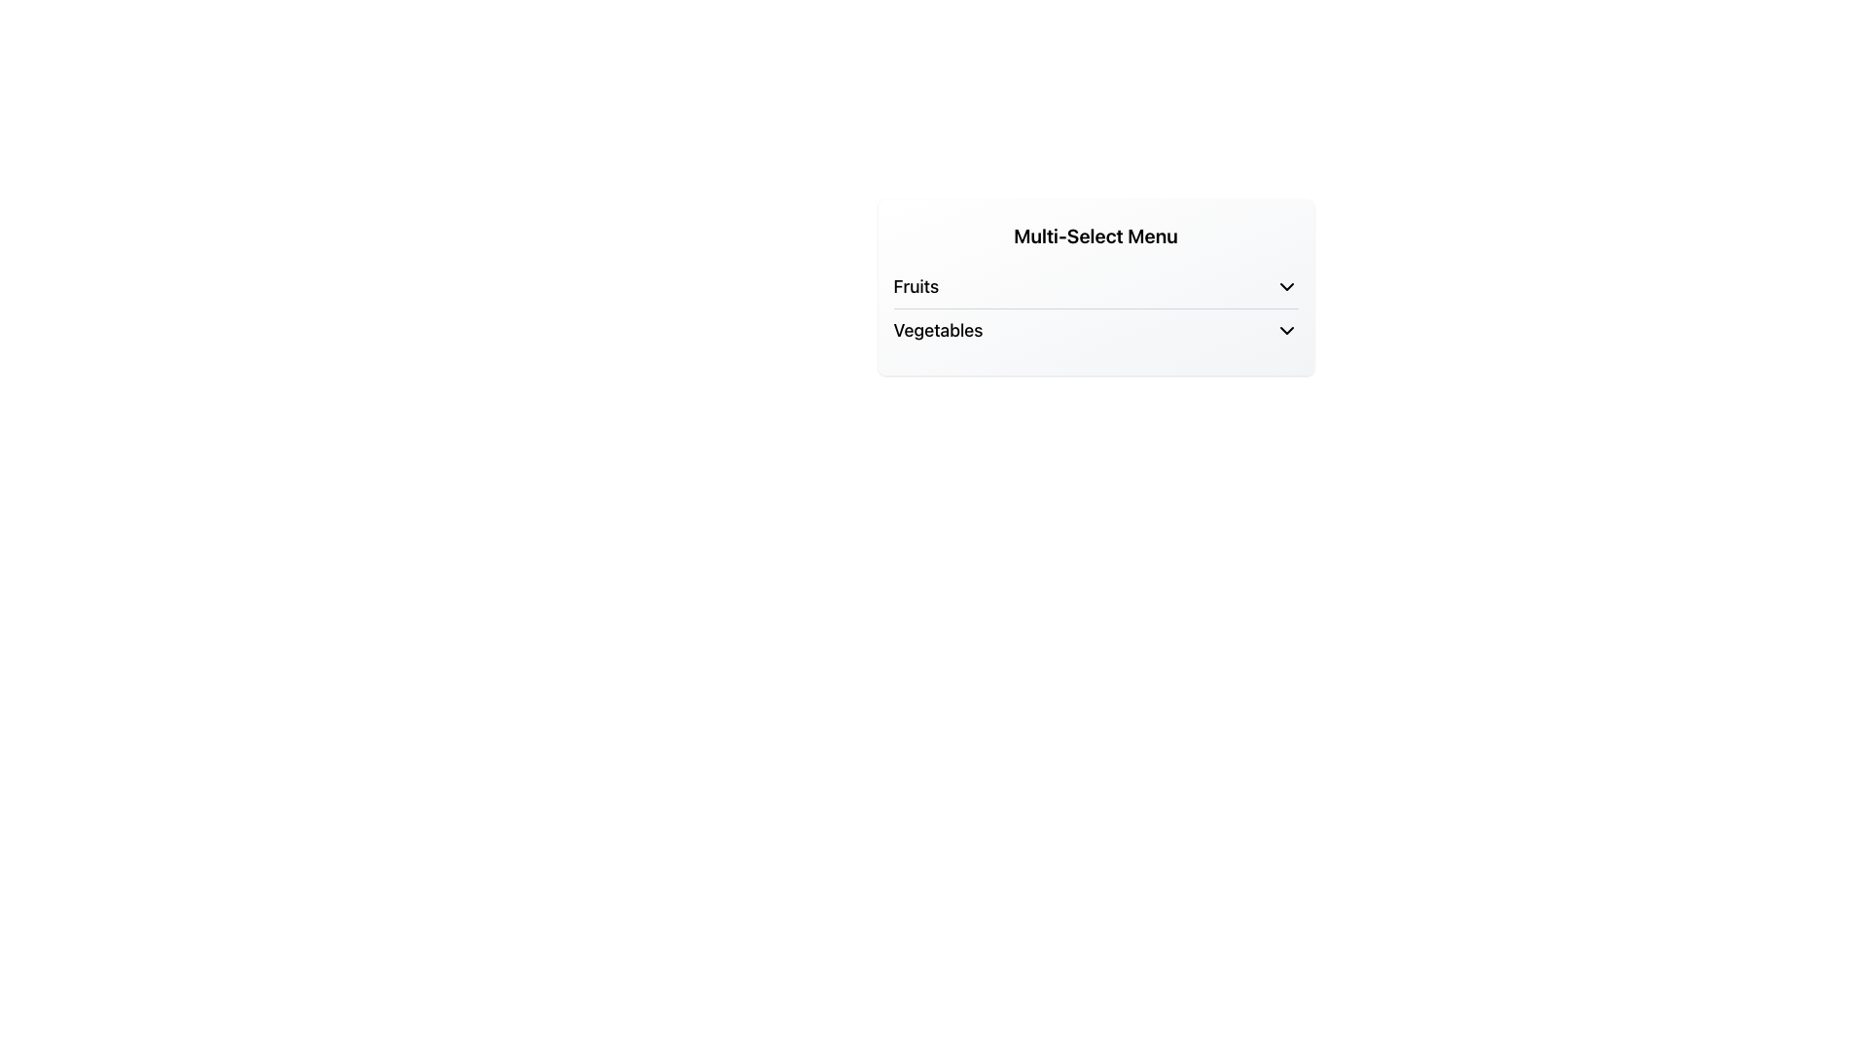 This screenshot has height=1051, width=1868. Describe the element at coordinates (938, 329) in the screenshot. I see `text label 'Vegetables' which is the second entry in the dropdown menu for multi-select options, located below 'Fruits'` at that location.